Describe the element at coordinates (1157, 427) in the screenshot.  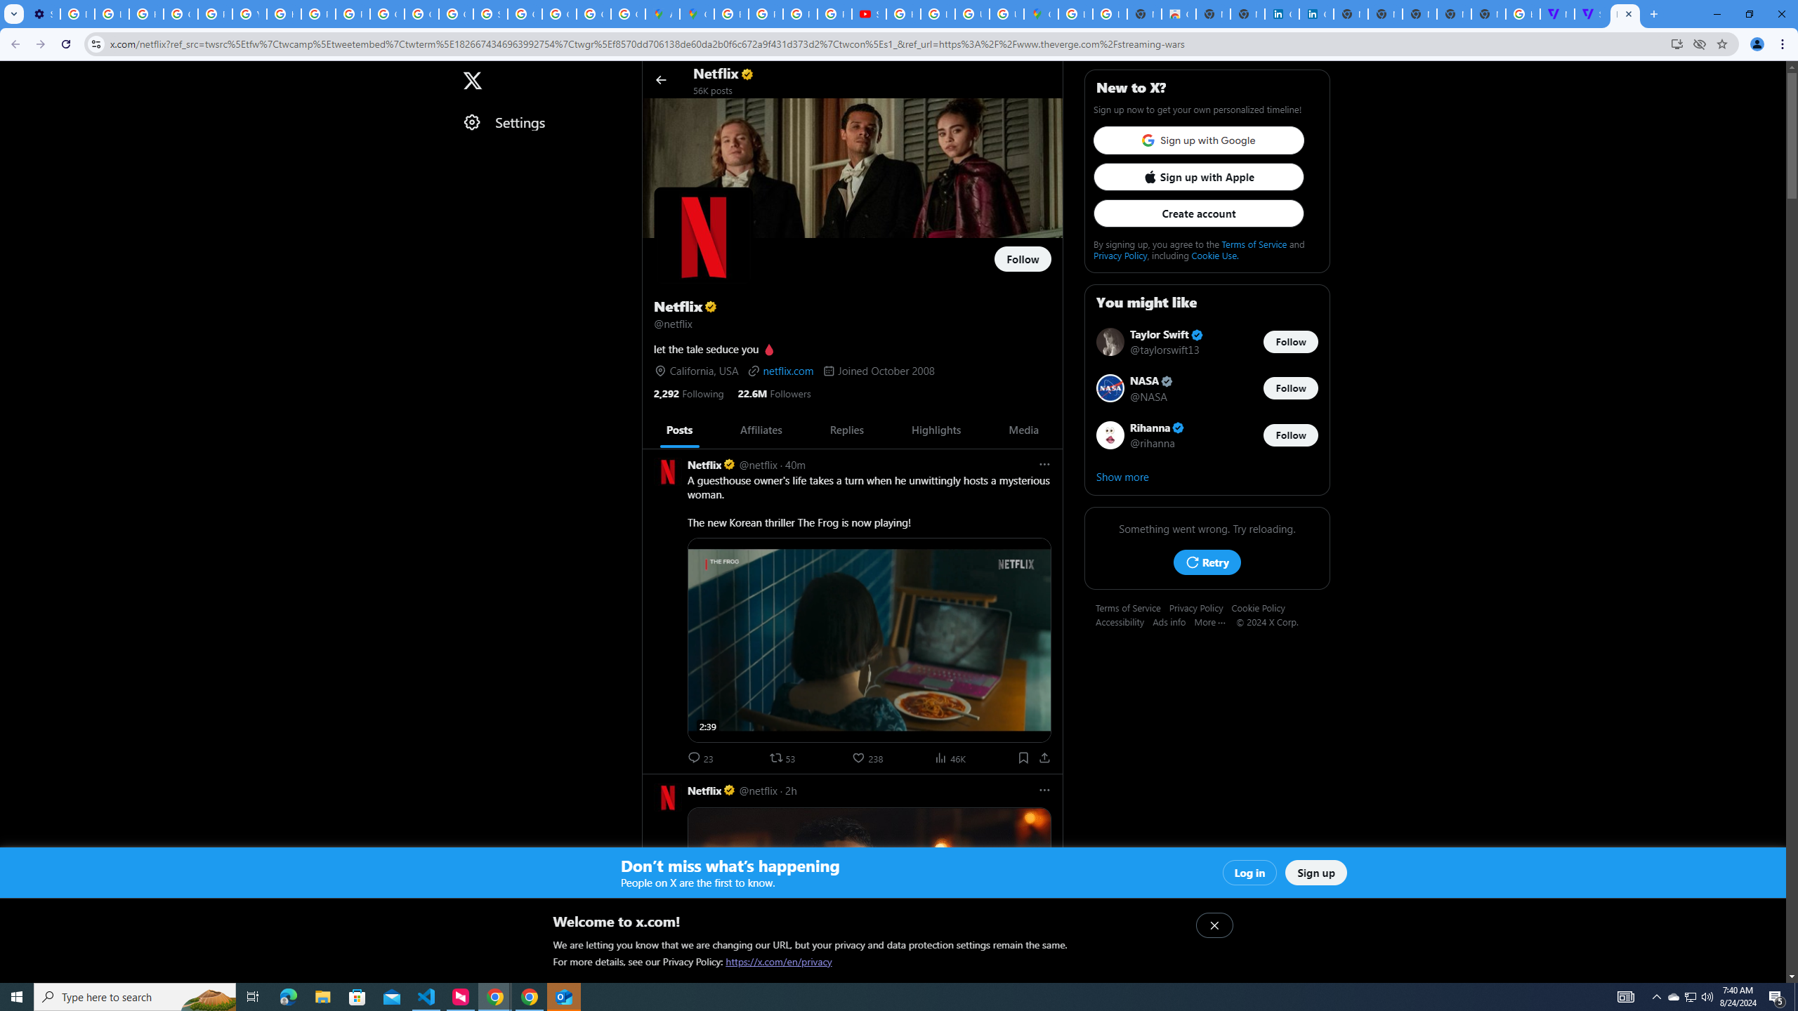
I see `'Rihanna Verified account'` at that location.